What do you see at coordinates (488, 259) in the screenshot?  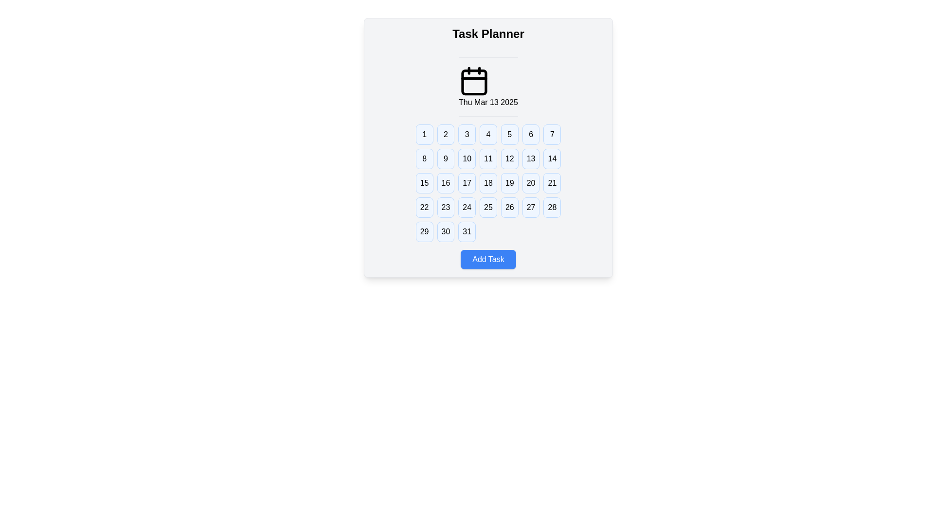 I see `the task addition button located centrally near the bottom of the main calendar interface` at bounding box center [488, 259].